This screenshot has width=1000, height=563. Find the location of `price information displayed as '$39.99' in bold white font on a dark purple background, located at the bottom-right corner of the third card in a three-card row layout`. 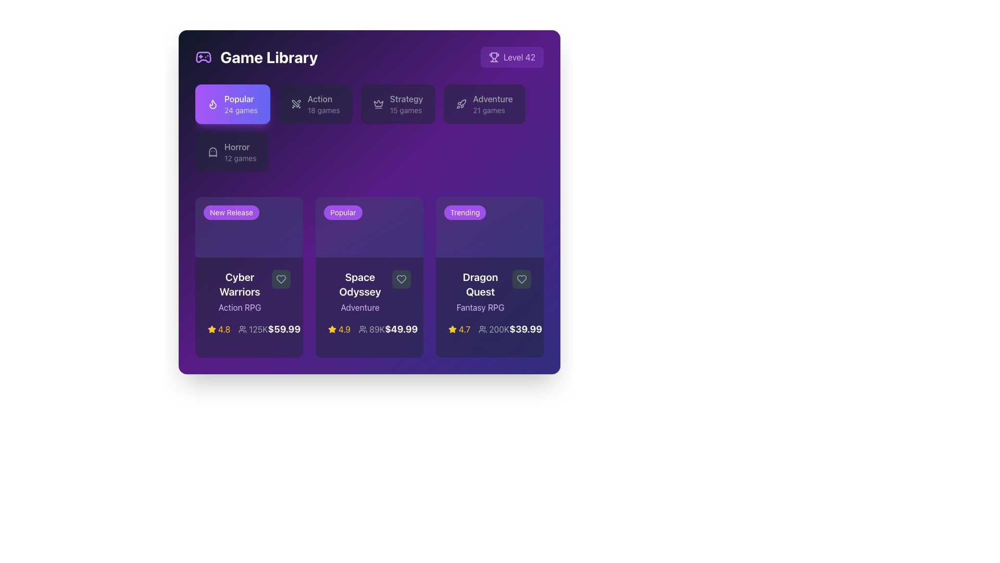

price information displayed as '$39.99' in bold white font on a dark purple background, located at the bottom-right corner of the third card in a three-card row layout is located at coordinates (526, 329).